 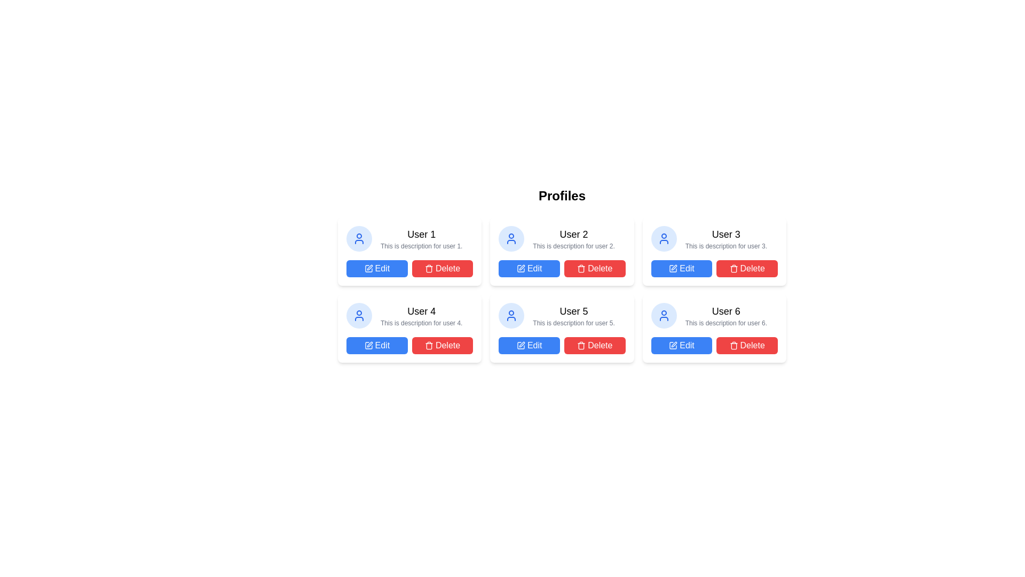 I want to click on the text block displaying the title 'User 2' and the description 'This is description for user 2.' located in the central column under the 'Profiles' section, so click(x=573, y=238).